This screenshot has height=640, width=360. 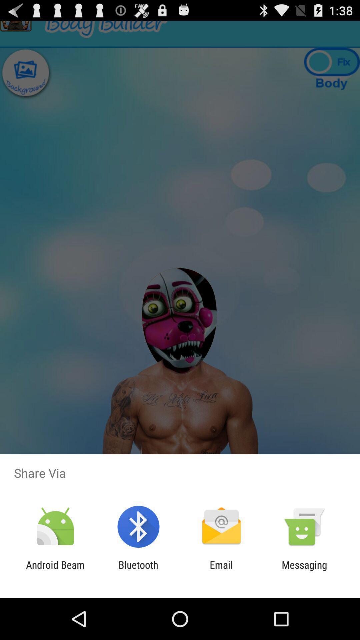 What do you see at coordinates (221, 570) in the screenshot?
I see `the email` at bounding box center [221, 570].